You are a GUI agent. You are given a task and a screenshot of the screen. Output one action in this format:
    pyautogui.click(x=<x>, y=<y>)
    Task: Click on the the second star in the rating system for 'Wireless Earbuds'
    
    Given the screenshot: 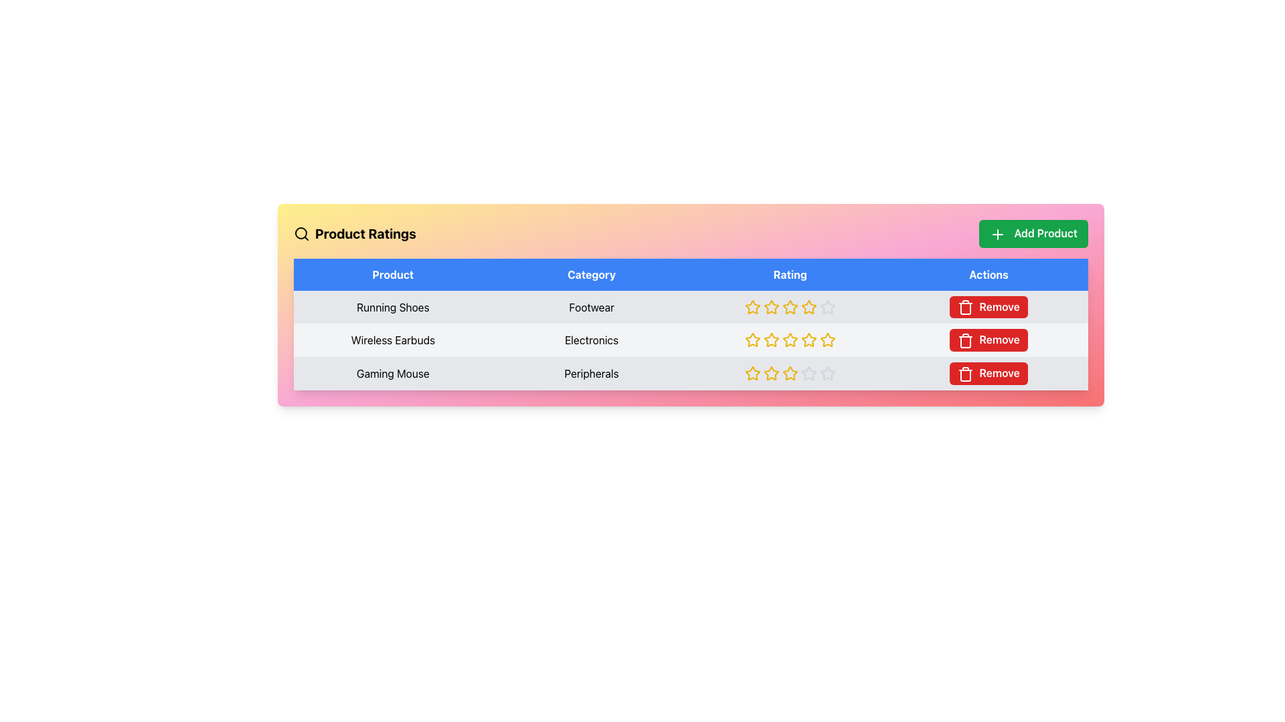 What is the action you would take?
    pyautogui.click(x=771, y=339)
    